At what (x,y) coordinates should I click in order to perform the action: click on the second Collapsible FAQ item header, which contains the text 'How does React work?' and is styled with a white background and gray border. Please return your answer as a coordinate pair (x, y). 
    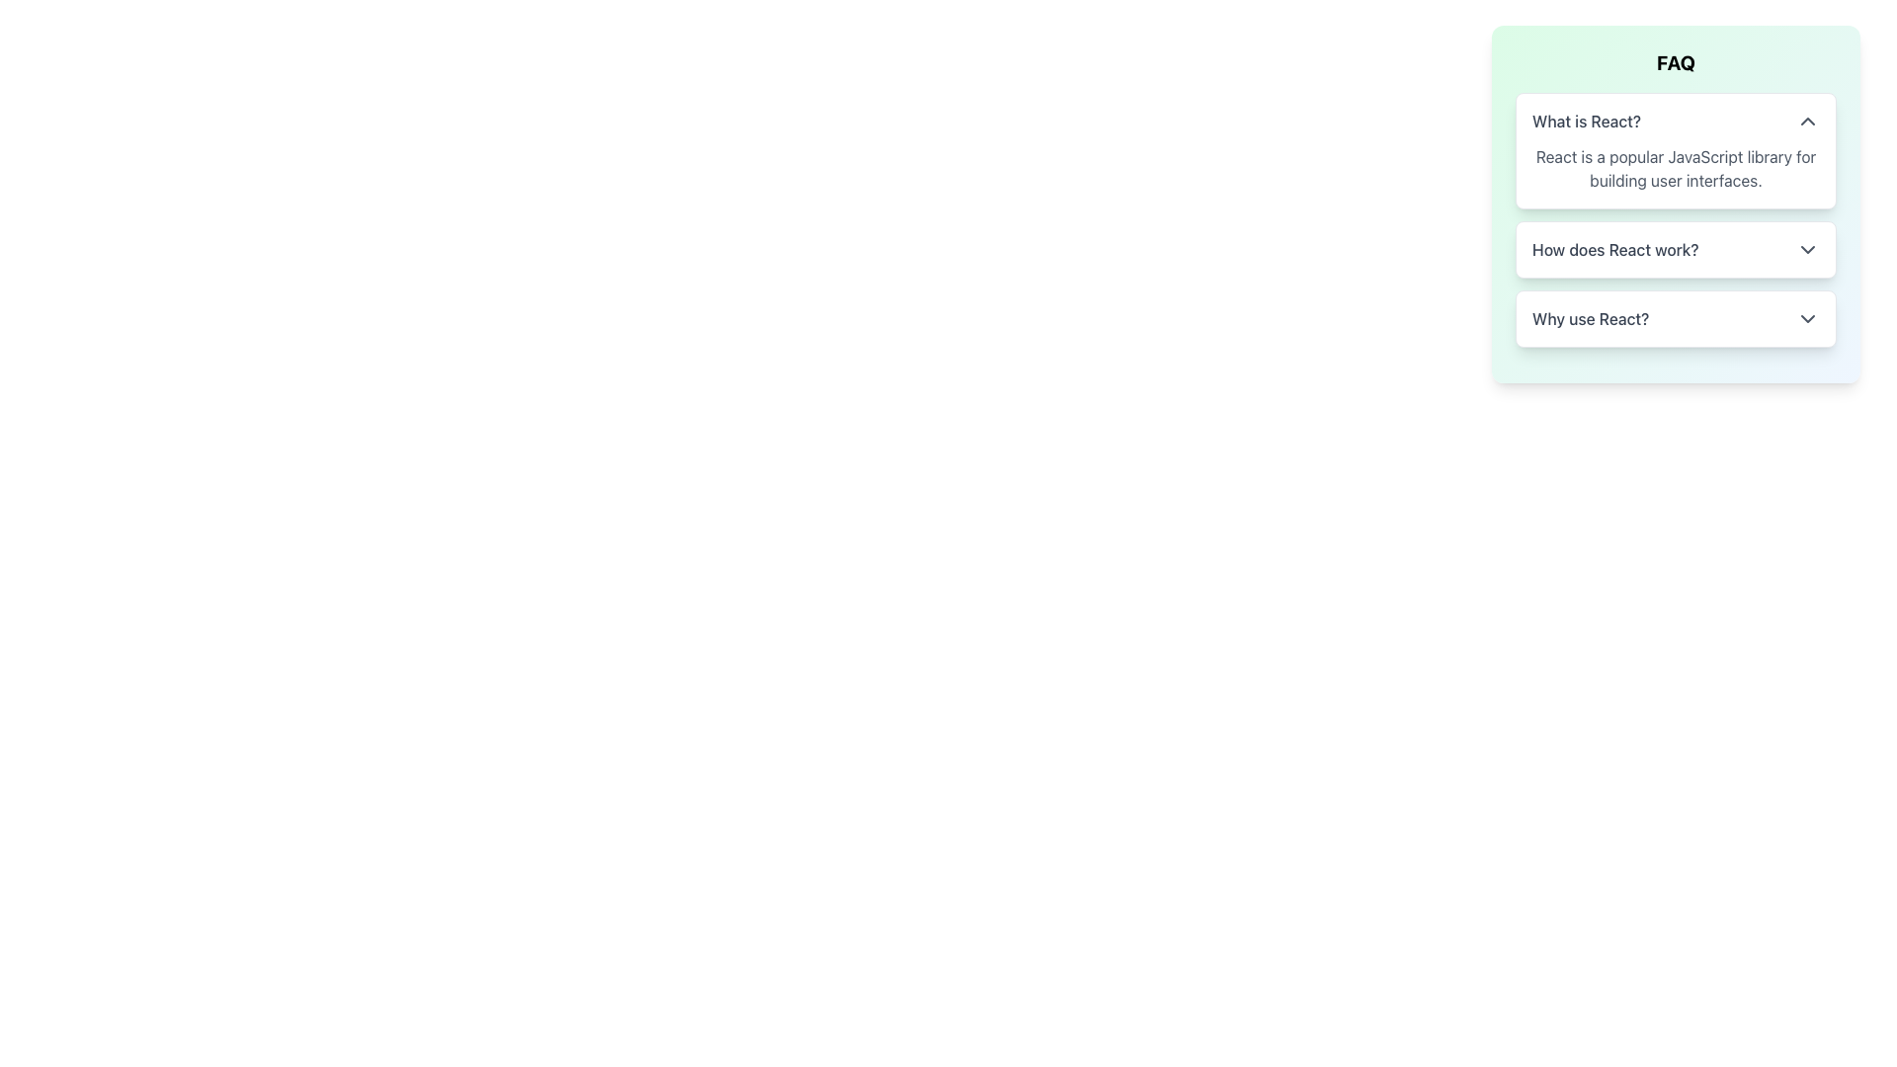
    Looking at the image, I should click on (1675, 249).